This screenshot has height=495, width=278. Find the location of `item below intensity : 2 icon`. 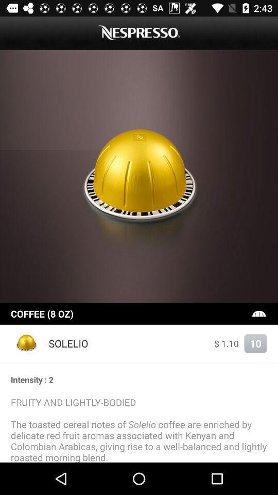

item below intensity : 2 icon is located at coordinates (139, 429).